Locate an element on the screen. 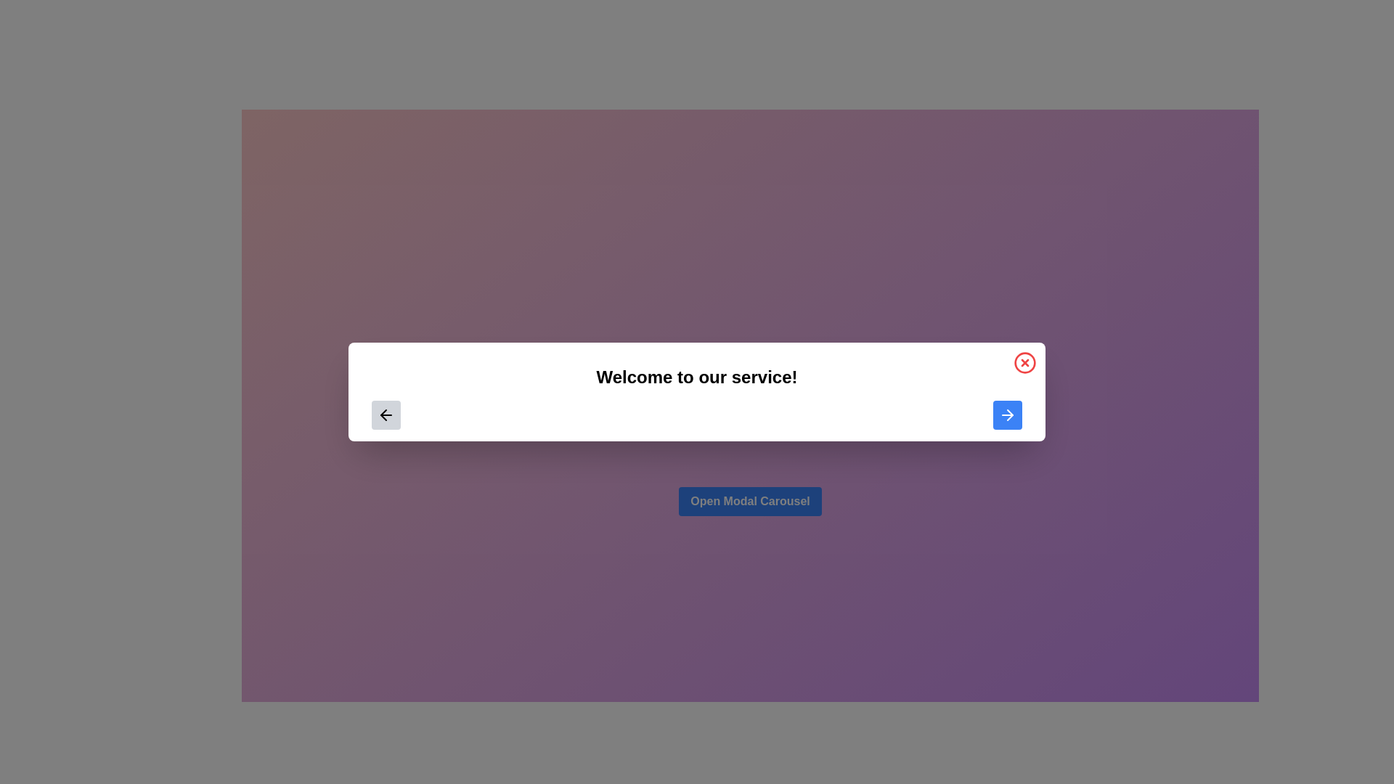  the right-pointing arrow icon within the blue circular button located at the bottom-right corner of the modal is located at coordinates (1006, 415).